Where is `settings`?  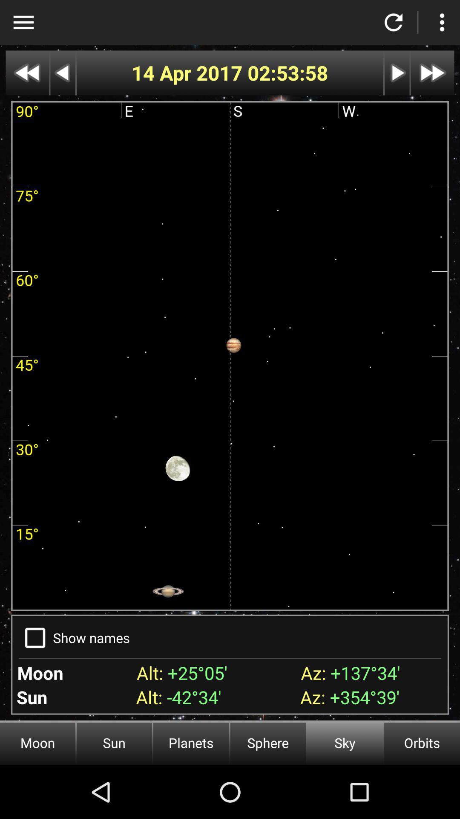
settings is located at coordinates (23, 22).